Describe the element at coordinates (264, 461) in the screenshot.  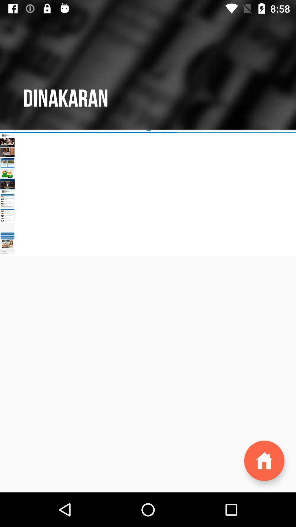
I see `the home icon` at that location.